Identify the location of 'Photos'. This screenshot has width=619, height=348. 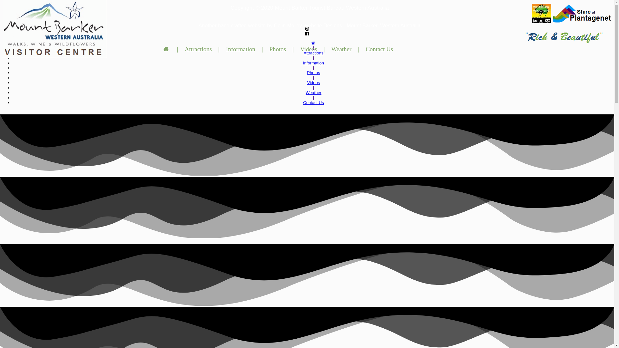
(313, 72).